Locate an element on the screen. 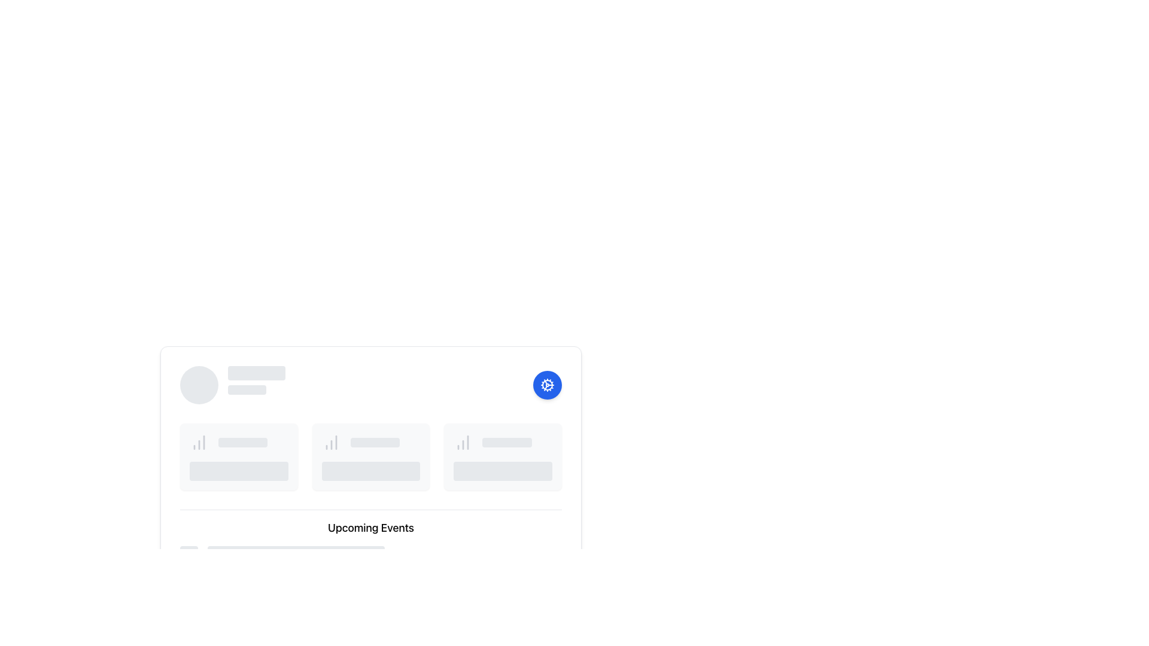 The image size is (1149, 646). the first rectangular card with rounded corners that has a light gray background and is positioned at the top-left of the grid layout is located at coordinates (239, 456).